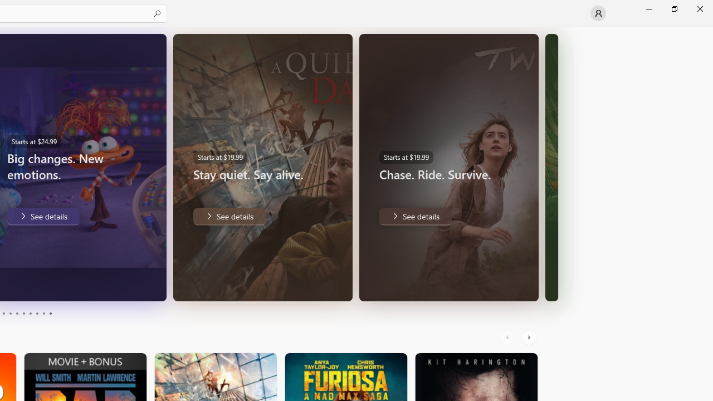 This screenshot has height=401, width=713. What do you see at coordinates (508, 337) in the screenshot?
I see `'AutomationID: LeftScrollButton'` at bounding box center [508, 337].